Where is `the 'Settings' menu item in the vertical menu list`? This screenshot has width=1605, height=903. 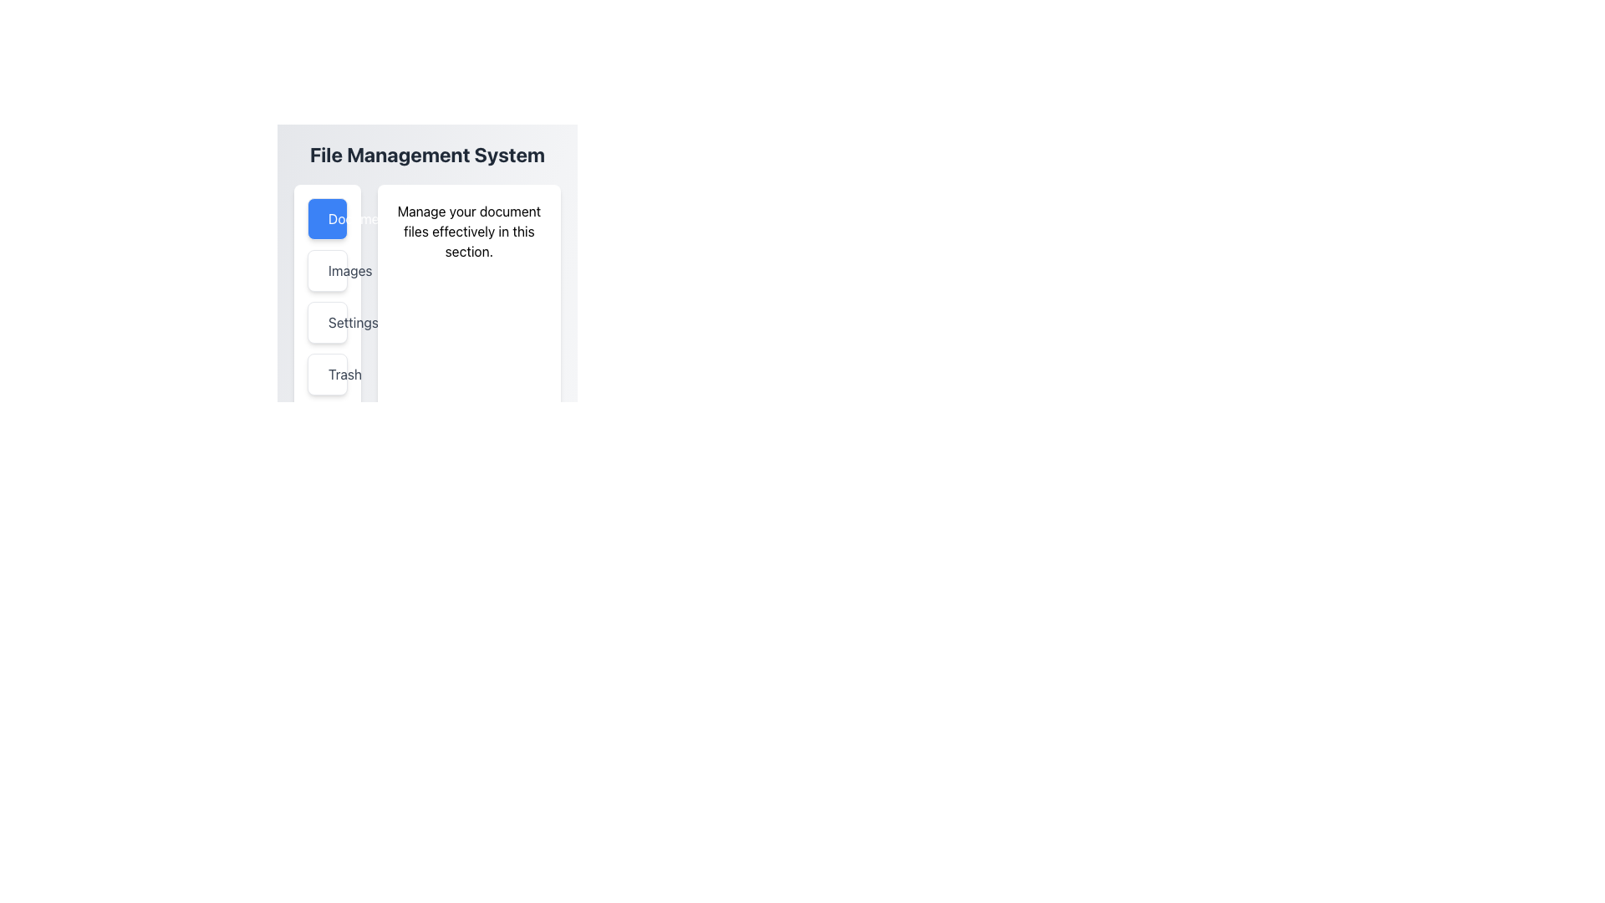 the 'Settings' menu item in the vertical menu list is located at coordinates (327, 295).